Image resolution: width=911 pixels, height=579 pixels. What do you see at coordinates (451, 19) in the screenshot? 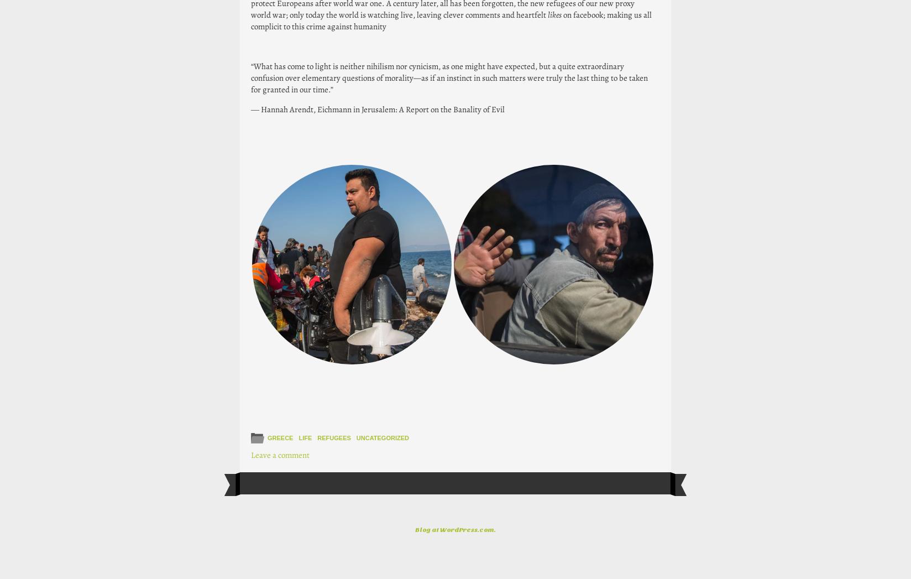
I see `'on facebook; making us all complicit to this crime against humanity'` at bounding box center [451, 19].